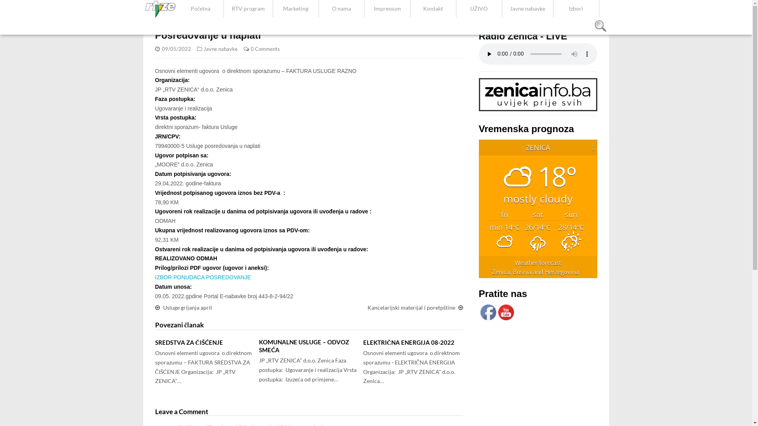  I want to click on 'Impressum', so click(364, 9).